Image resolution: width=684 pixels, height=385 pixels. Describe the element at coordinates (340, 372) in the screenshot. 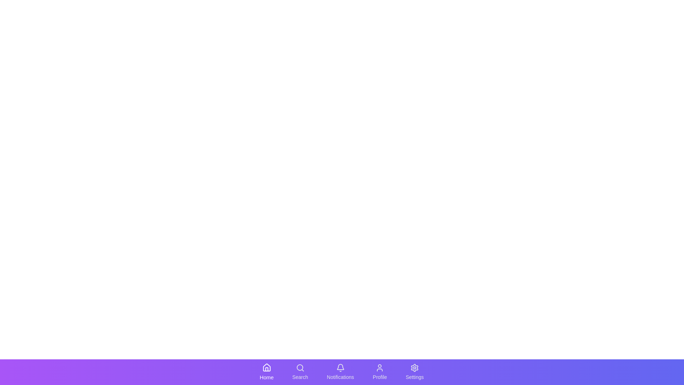

I see `the navigation icon labeled Notifications` at that location.